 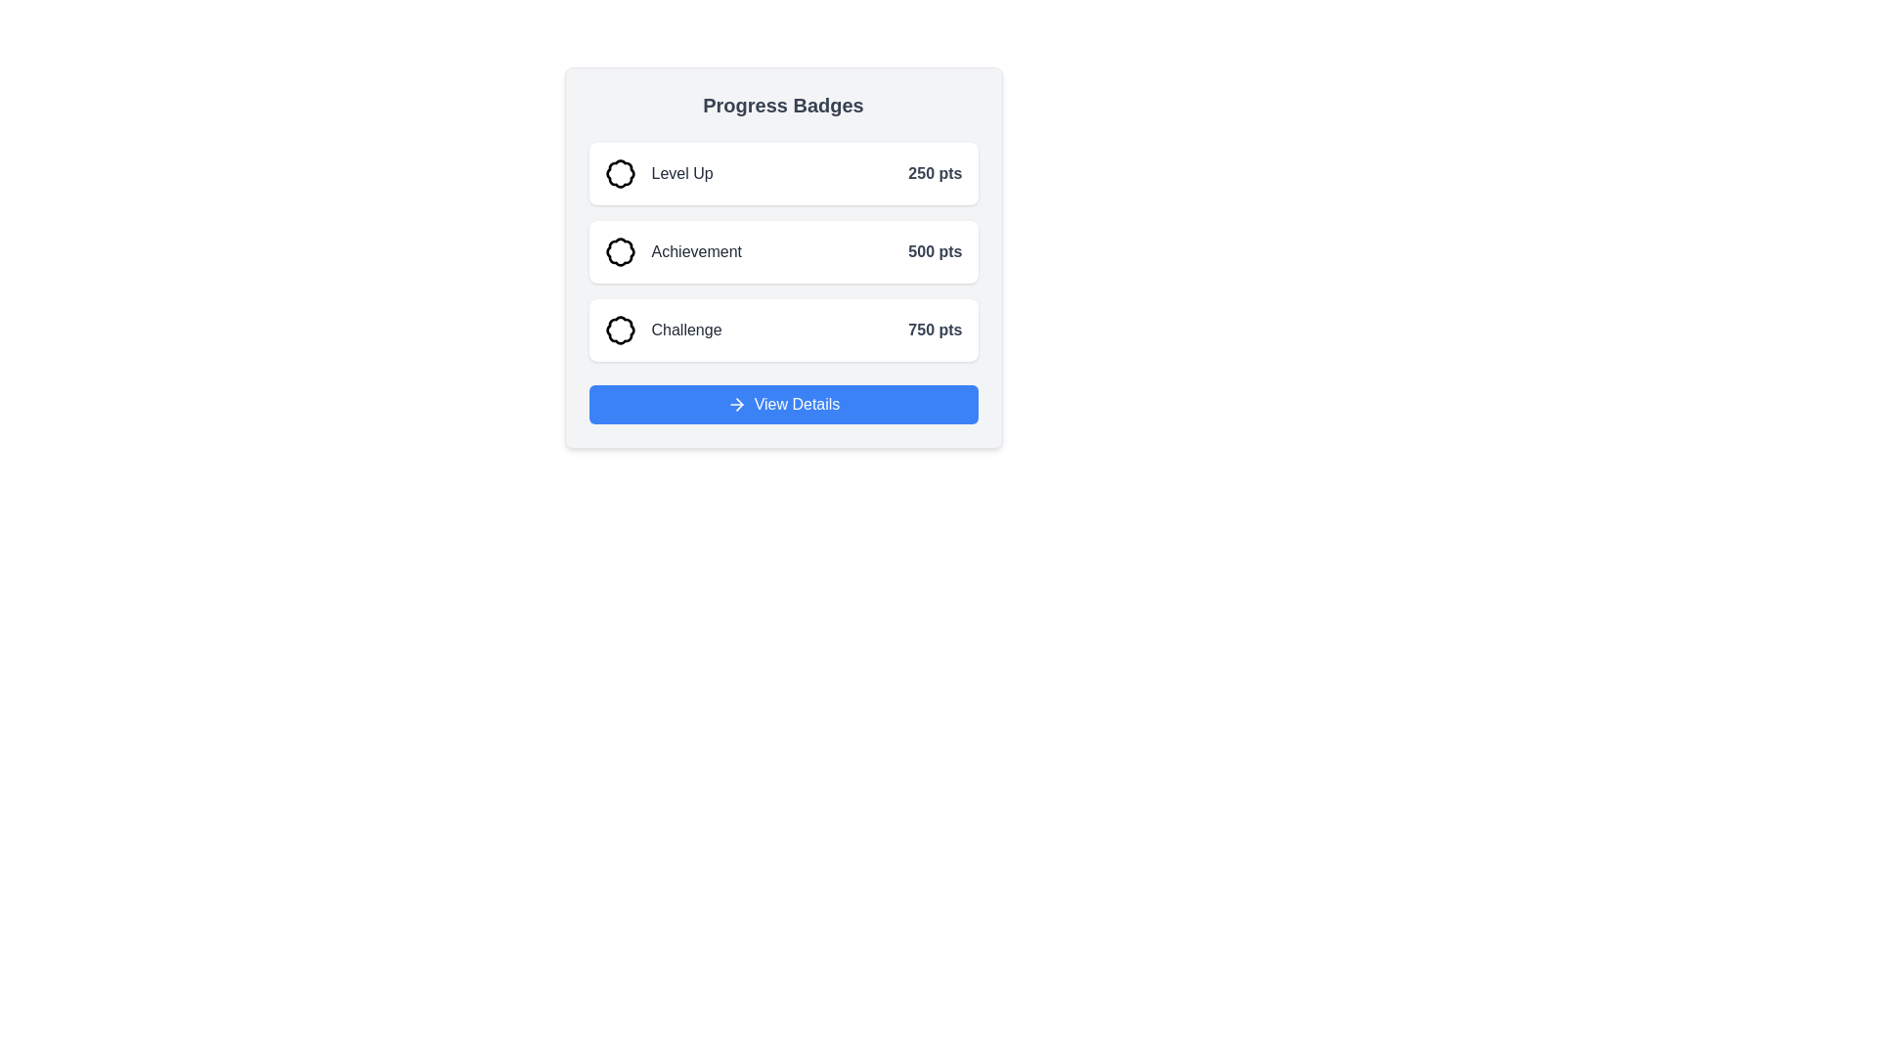 I want to click on the achievement badge icon located to the left of the 'Achievement' text, which is positioned immediately below the 'Level Up' section, so click(x=619, y=251).